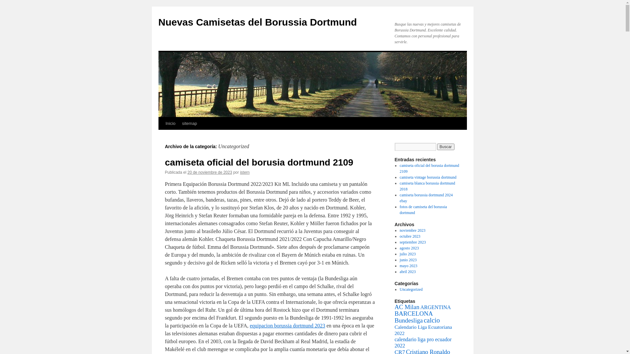 The width and height of the screenshot is (630, 354). What do you see at coordinates (399, 230) in the screenshot?
I see `'noviembre 2023'` at bounding box center [399, 230].